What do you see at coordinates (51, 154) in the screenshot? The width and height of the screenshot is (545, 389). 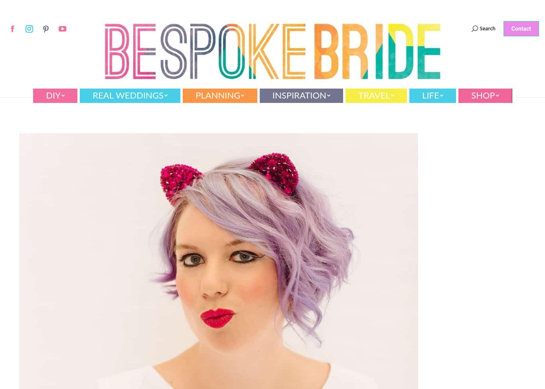 I see `'Flowers'` at bounding box center [51, 154].